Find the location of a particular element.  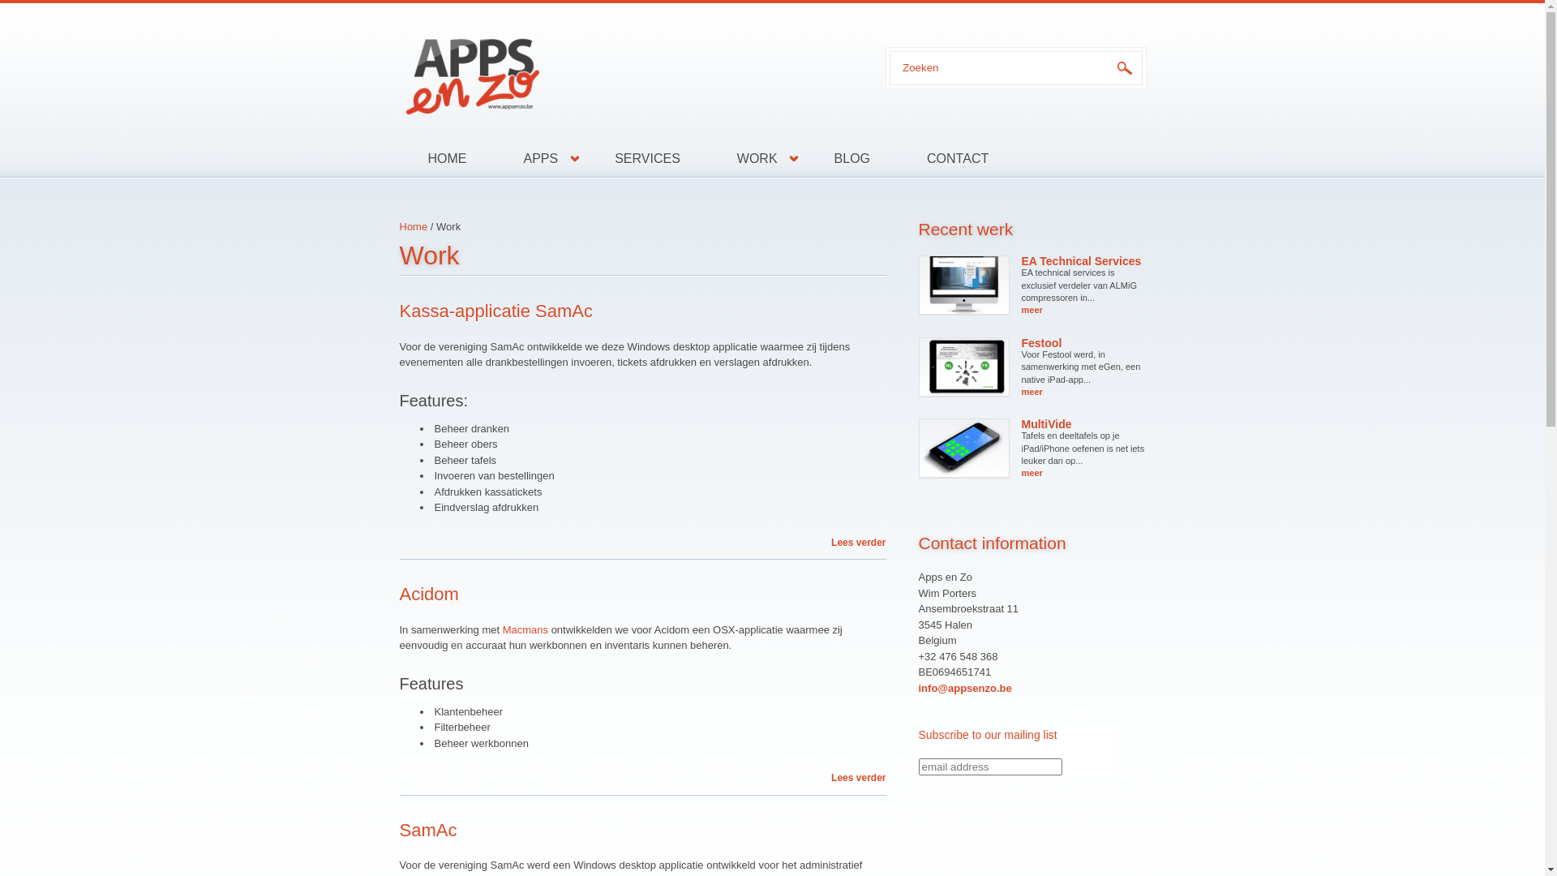

'Kassa-applicatie SamAc' is located at coordinates (494, 311).